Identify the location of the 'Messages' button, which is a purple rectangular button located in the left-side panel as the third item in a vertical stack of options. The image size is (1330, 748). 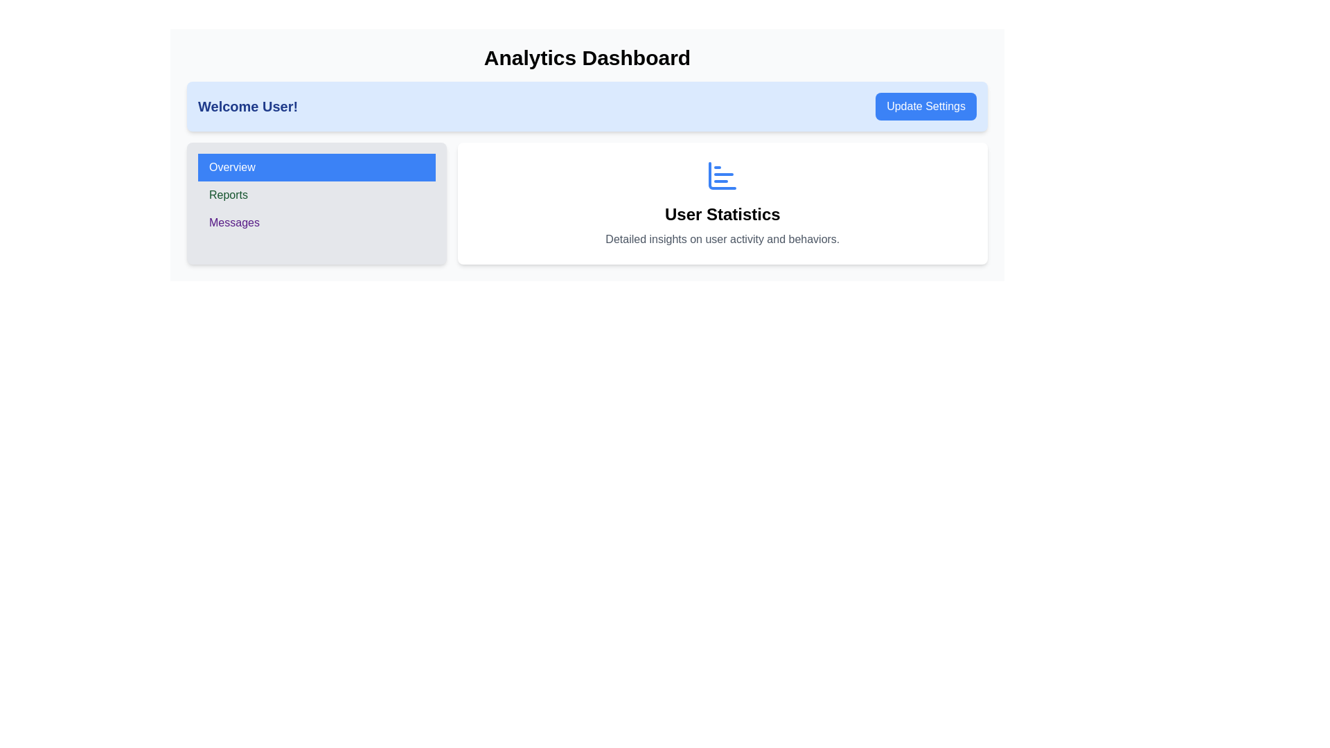
(315, 222).